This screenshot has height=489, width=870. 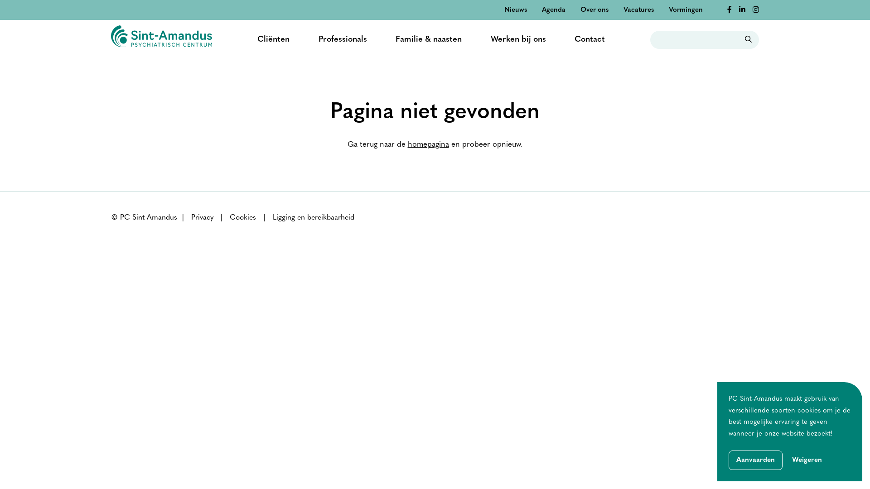 What do you see at coordinates (574, 39) in the screenshot?
I see `'Contact'` at bounding box center [574, 39].